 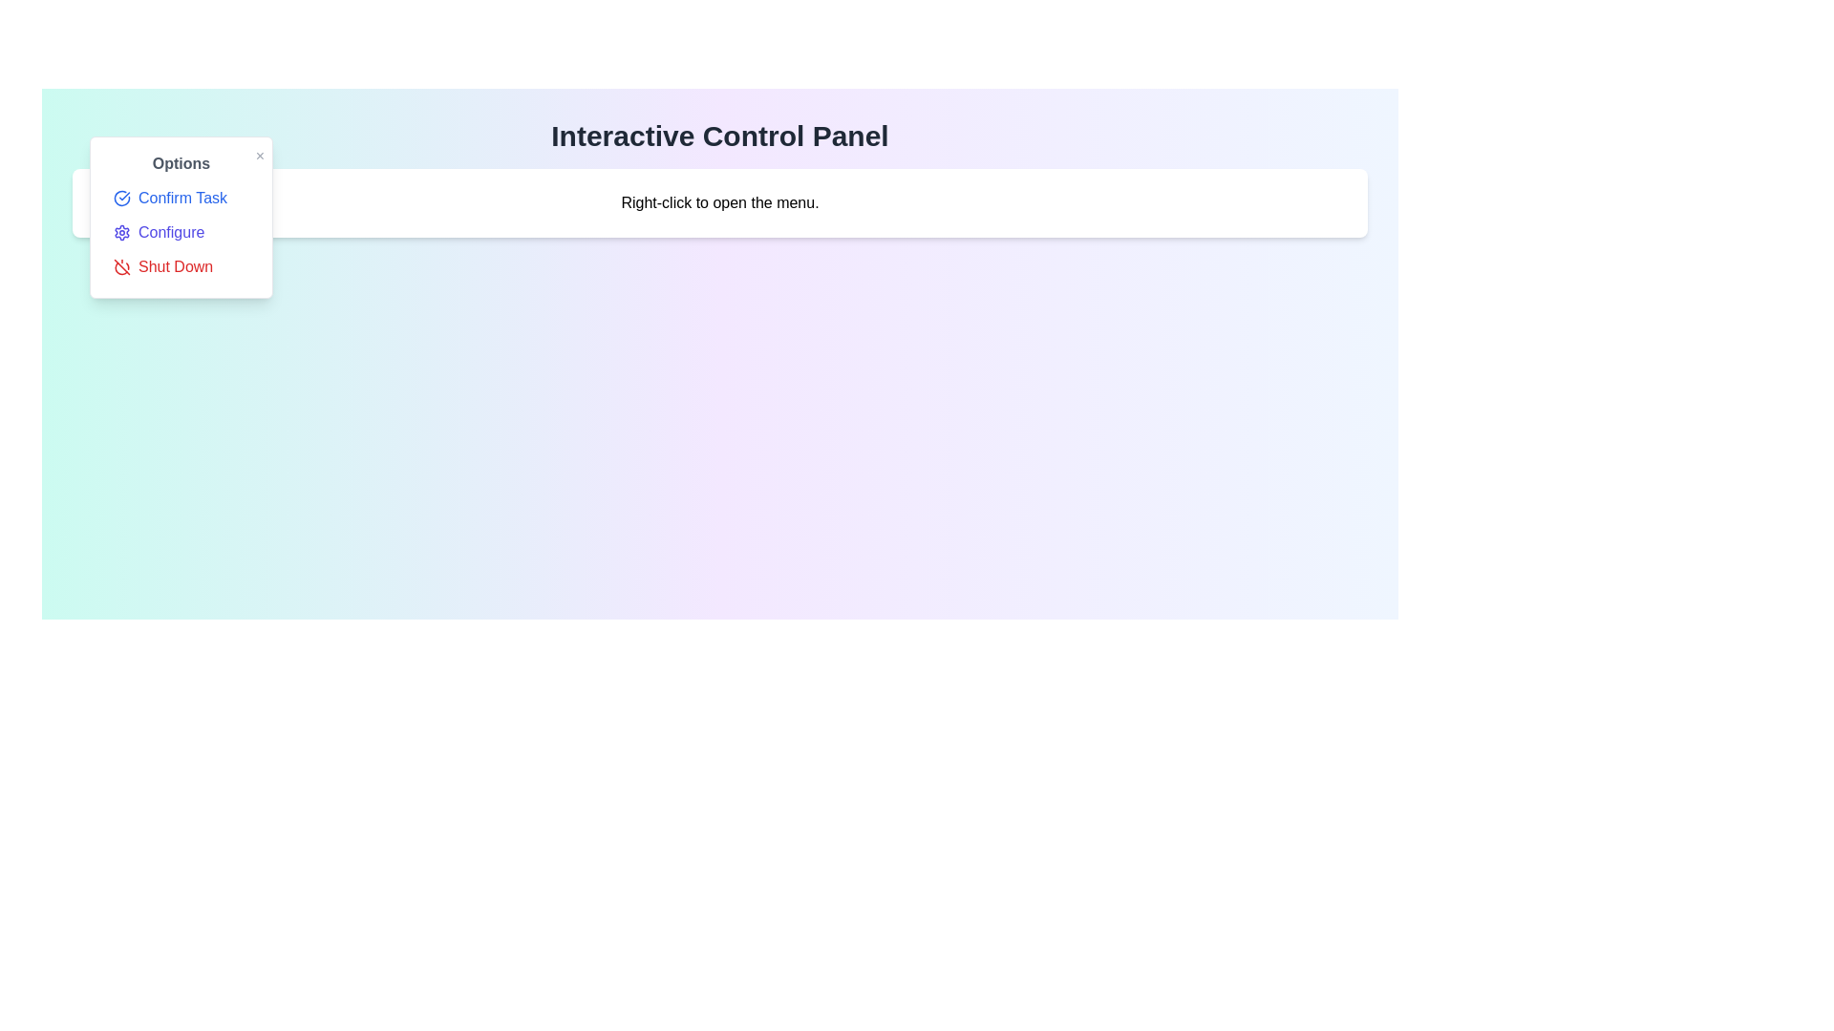 What do you see at coordinates (181, 231) in the screenshot?
I see `the 'Configure' option in the menu` at bounding box center [181, 231].